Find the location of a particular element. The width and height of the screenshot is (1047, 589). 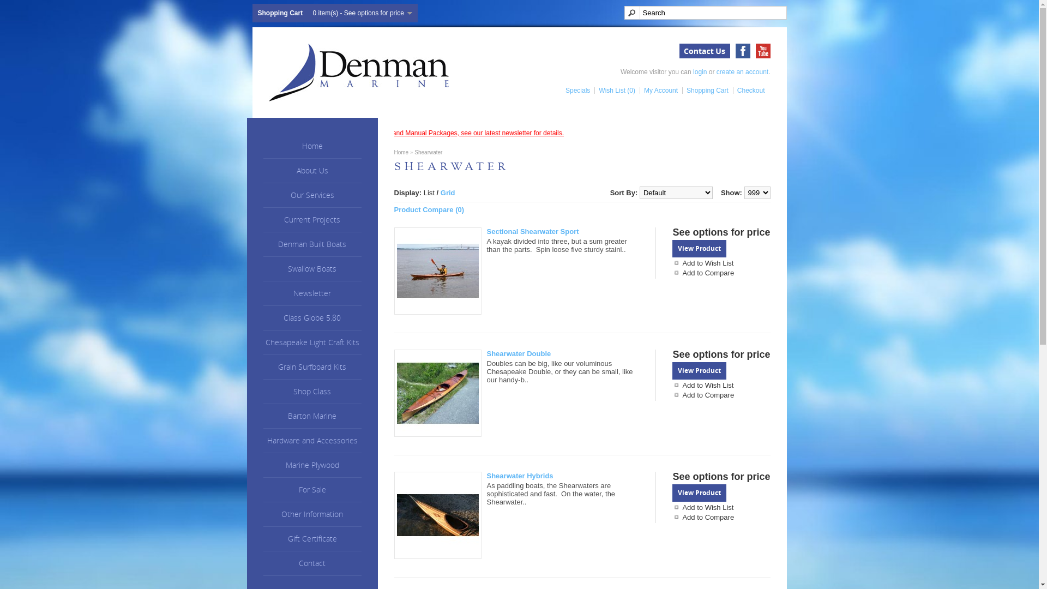

'Sectional Shearwater Sport' is located at coordinates (437, 271).